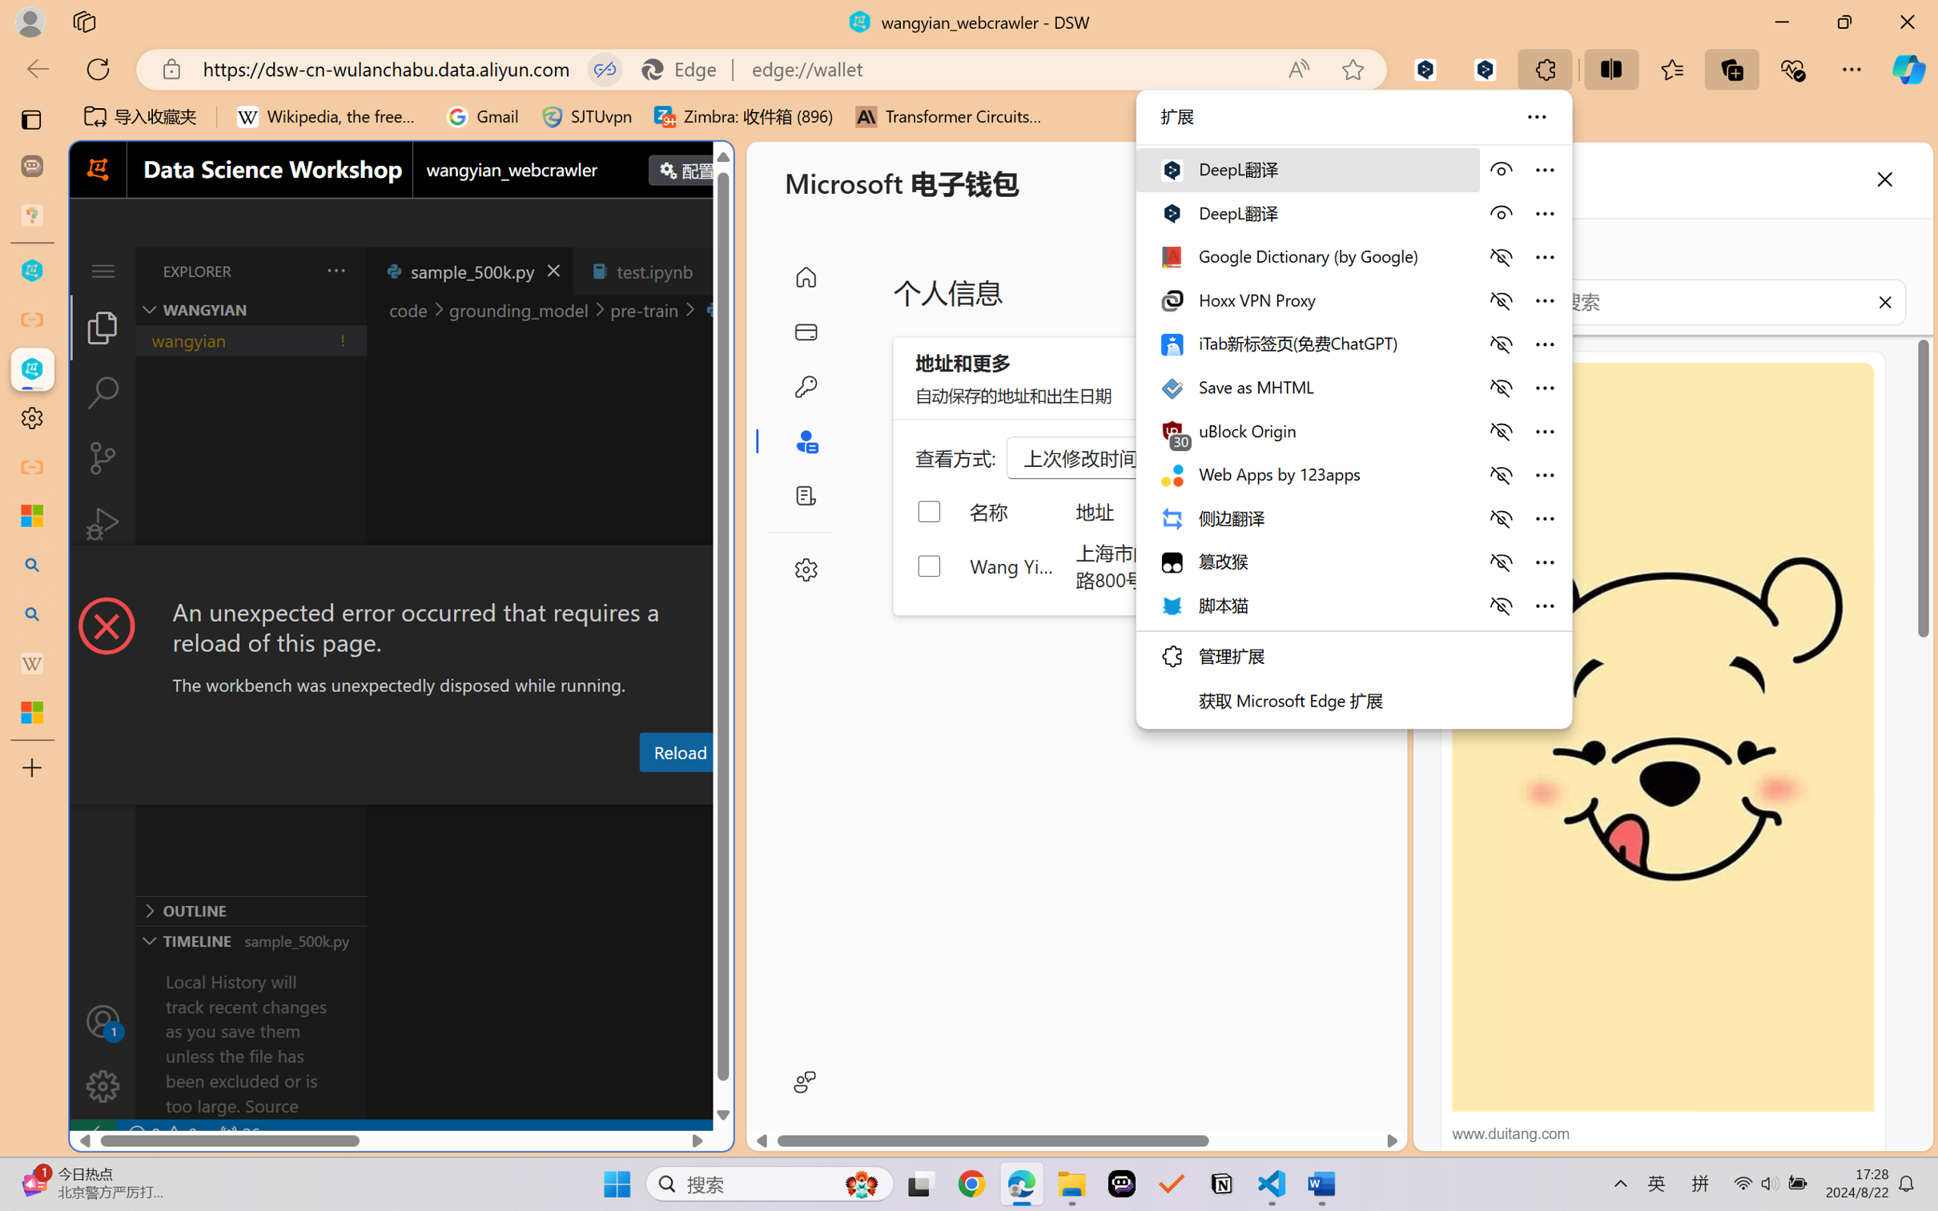 This screenshot has width=1938, height=1211. Describe the element at coordinates (102, 326) in the screenshot. I see `'Explorer (Ctrl+Shift+E)'` at that location.